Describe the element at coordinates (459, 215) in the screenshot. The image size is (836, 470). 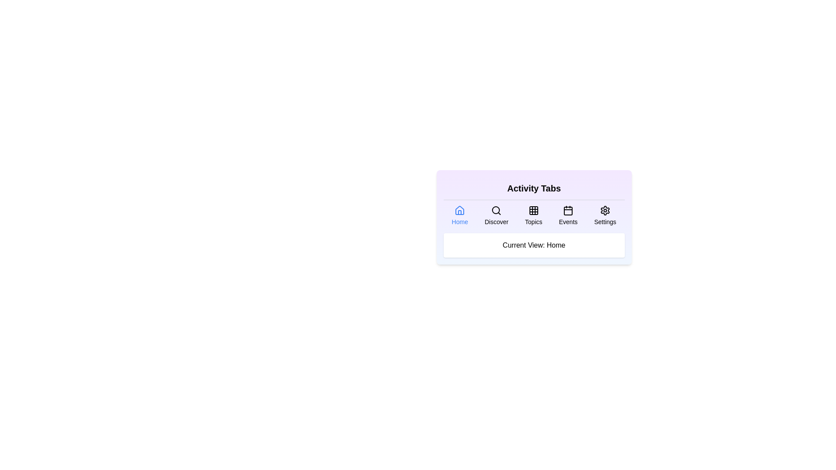
I see `the tab icon corresponding to Home` at that location.